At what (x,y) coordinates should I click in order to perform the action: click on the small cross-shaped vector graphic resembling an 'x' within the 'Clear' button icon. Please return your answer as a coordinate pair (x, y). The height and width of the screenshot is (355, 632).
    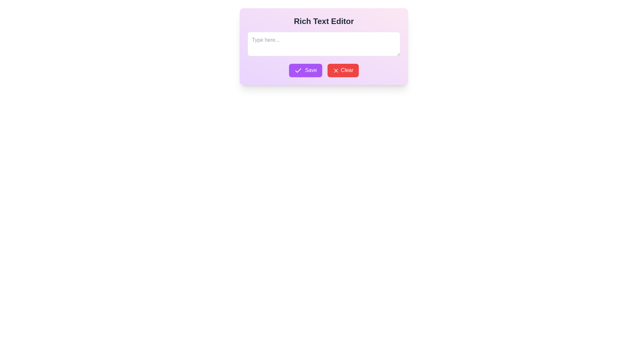
    Looking at the image, I should click on (336, 71).